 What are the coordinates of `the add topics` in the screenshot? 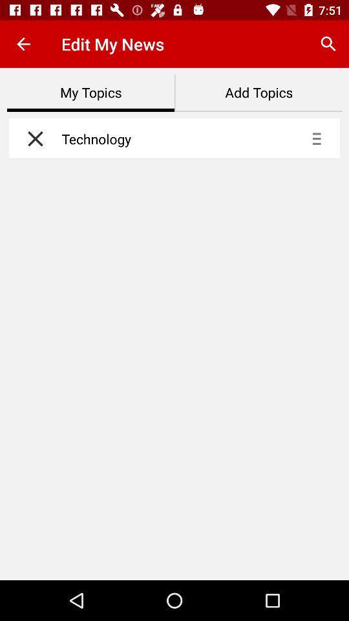 It's located at (259, 93).